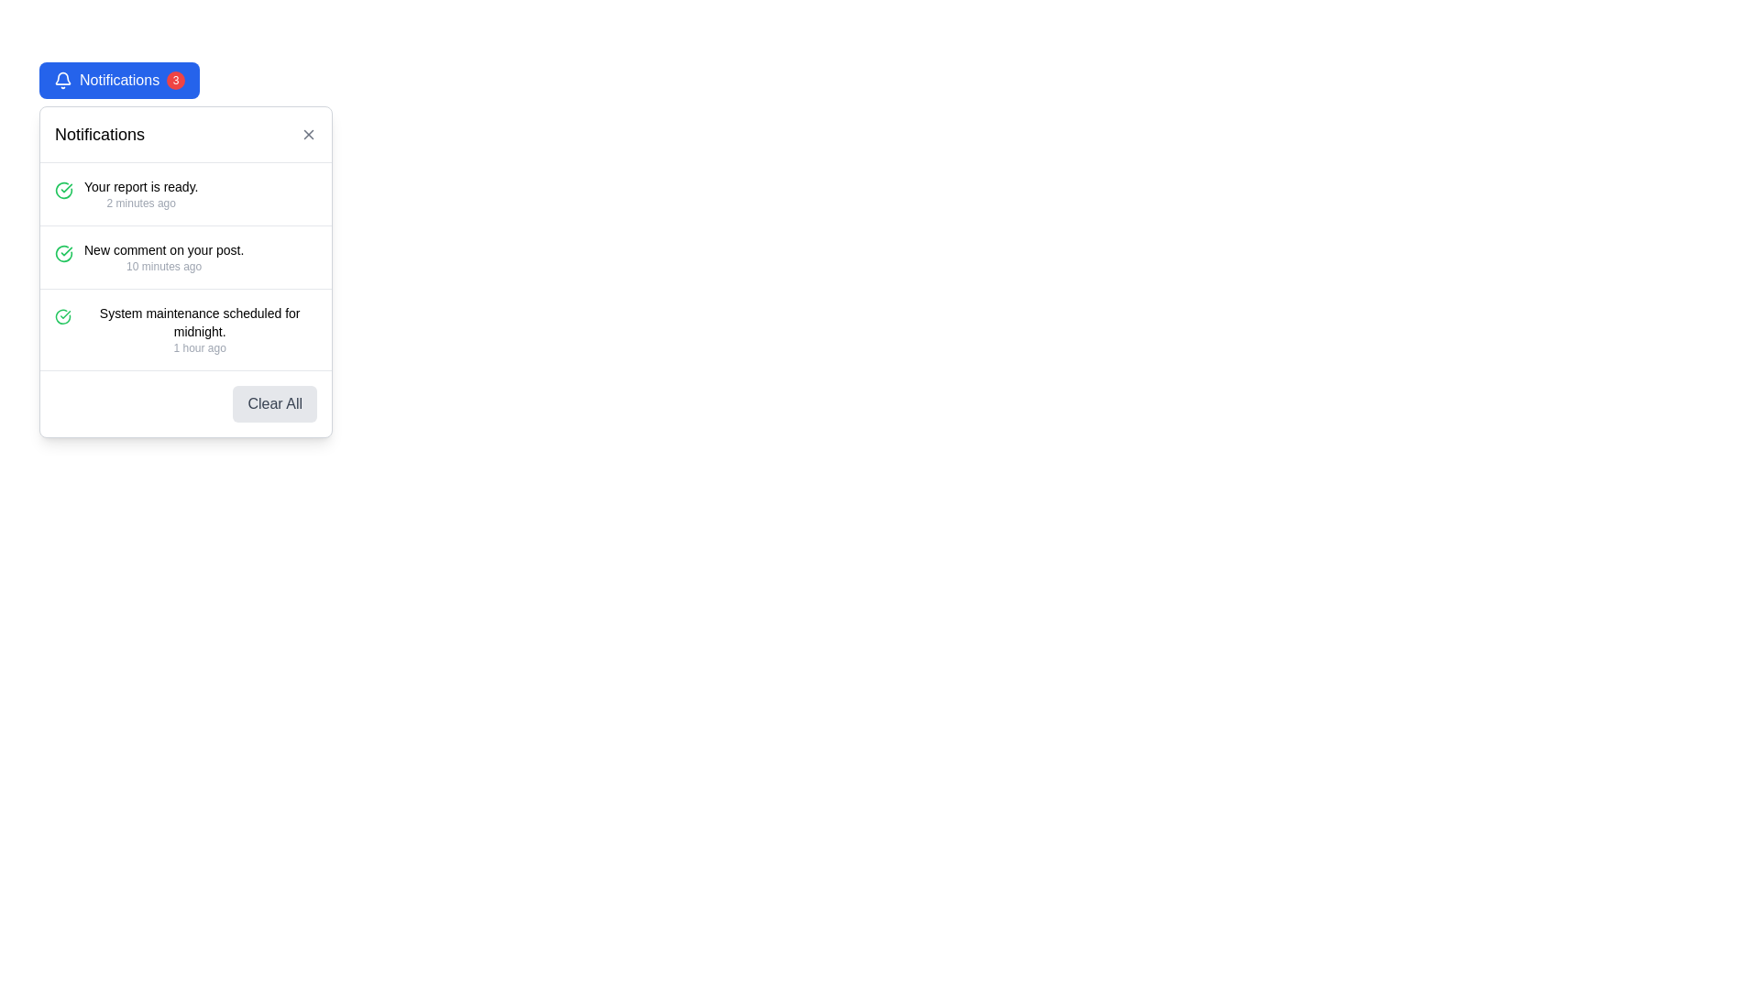  I want to click on text displayed in the third notification of the notification panel, located above the timestamp '1 hour ago' and below 'New comment on your post', so click(200, 321).